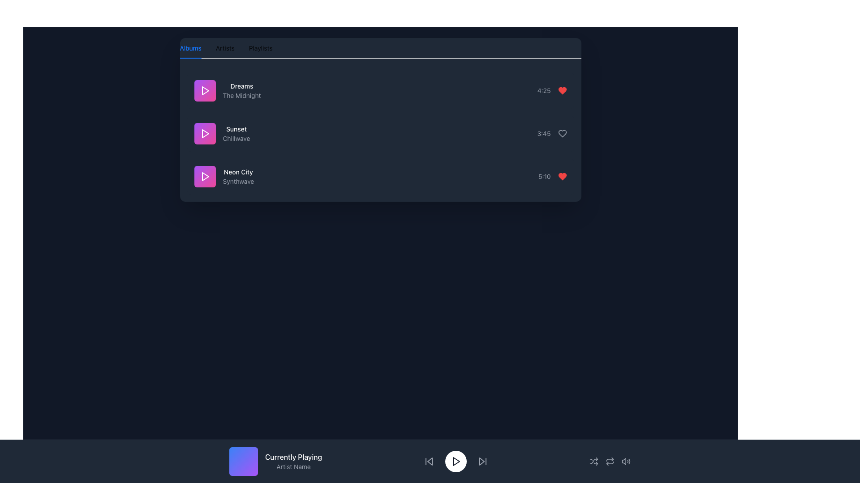  I want to click on the triangular right-facing play icon with a white color and purple to pink gradient circular background, located to the left of the song title 'Dreams' in the playlist view, so click(204, 91).